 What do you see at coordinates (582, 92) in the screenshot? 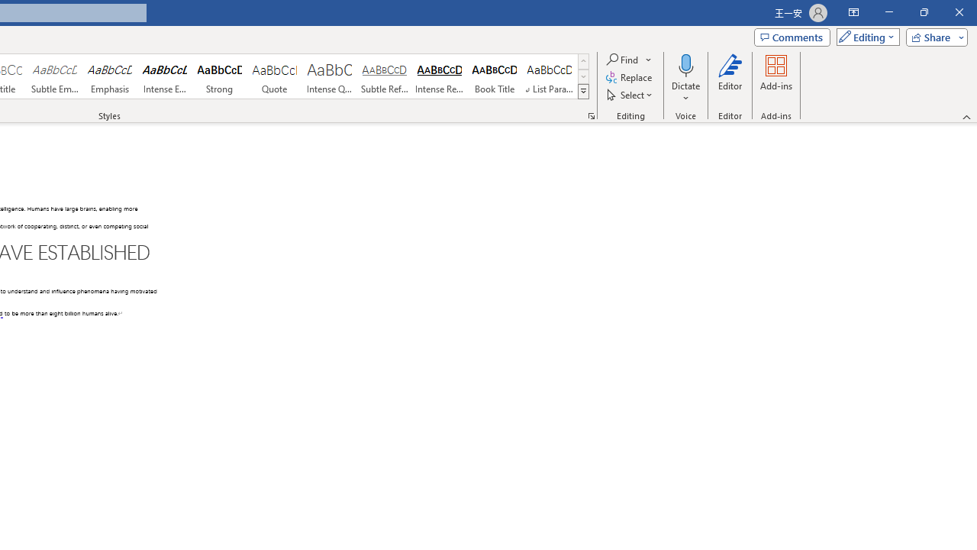
I see `'Styles'` at bounding box center [582, 92].